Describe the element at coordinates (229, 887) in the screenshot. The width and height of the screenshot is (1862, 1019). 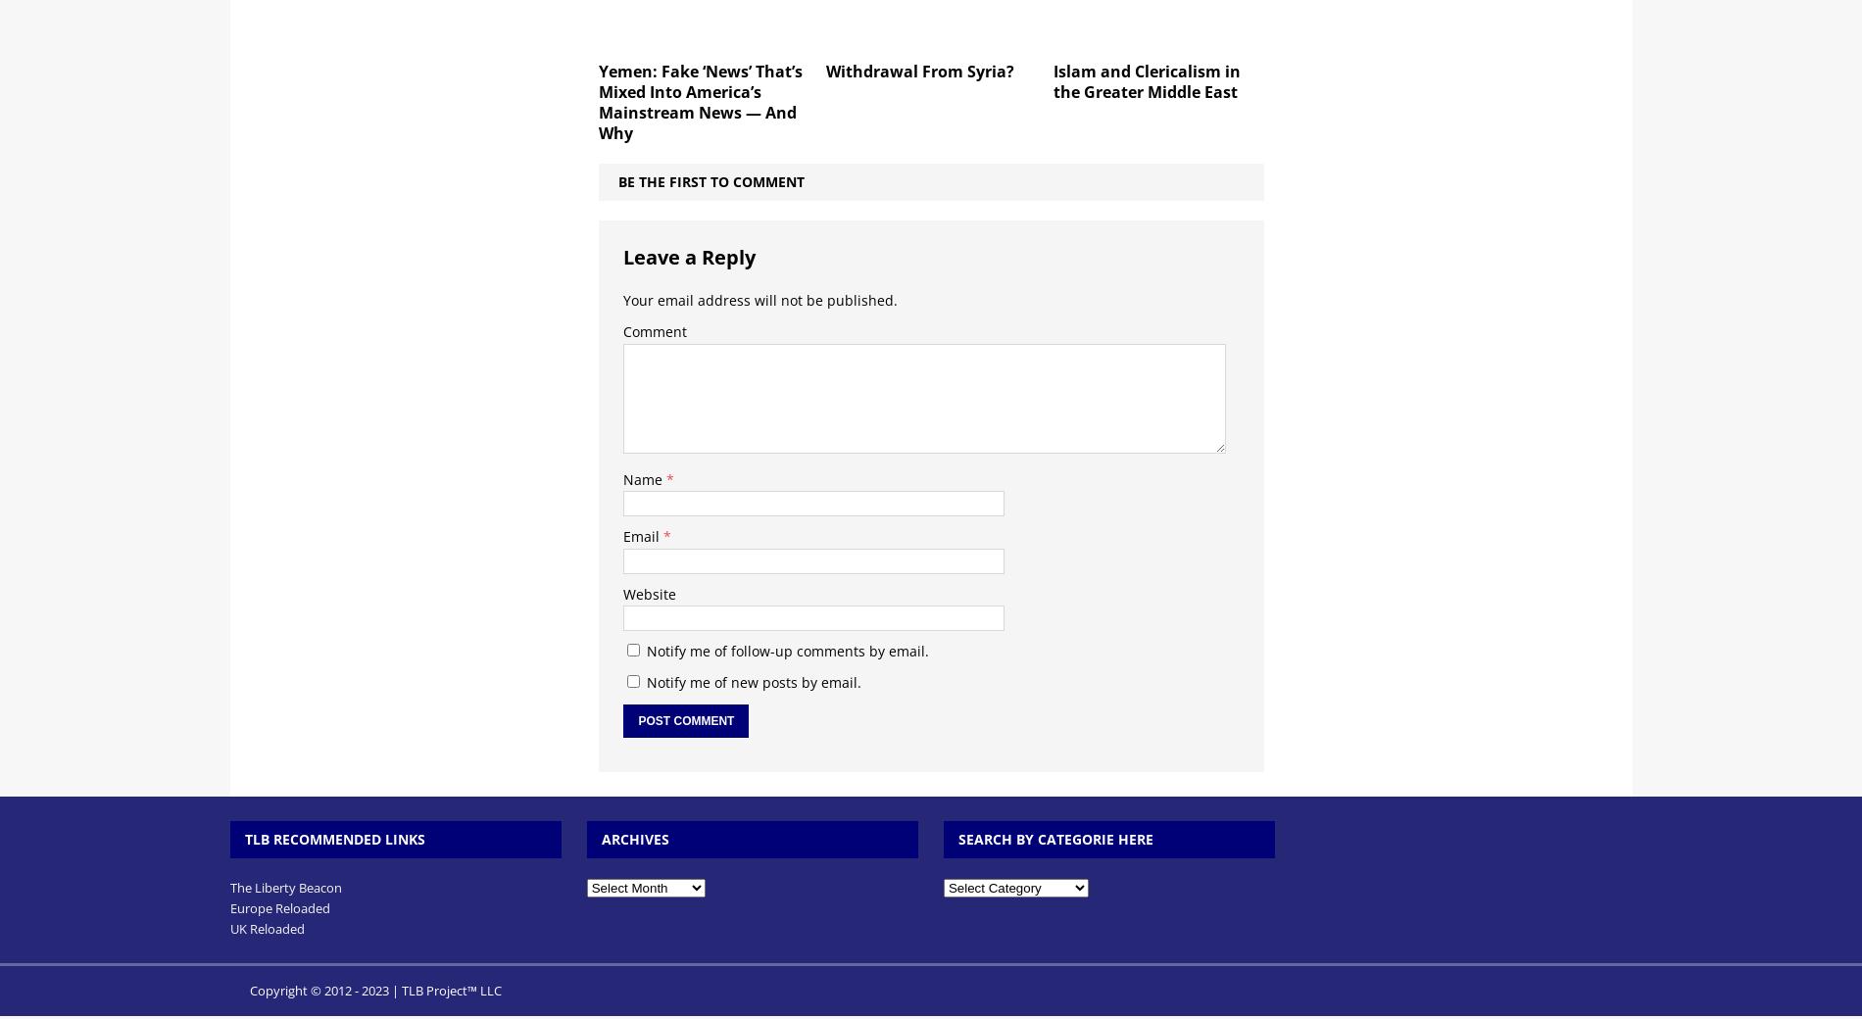
I see `'The Liberty Beacon'` at that location.